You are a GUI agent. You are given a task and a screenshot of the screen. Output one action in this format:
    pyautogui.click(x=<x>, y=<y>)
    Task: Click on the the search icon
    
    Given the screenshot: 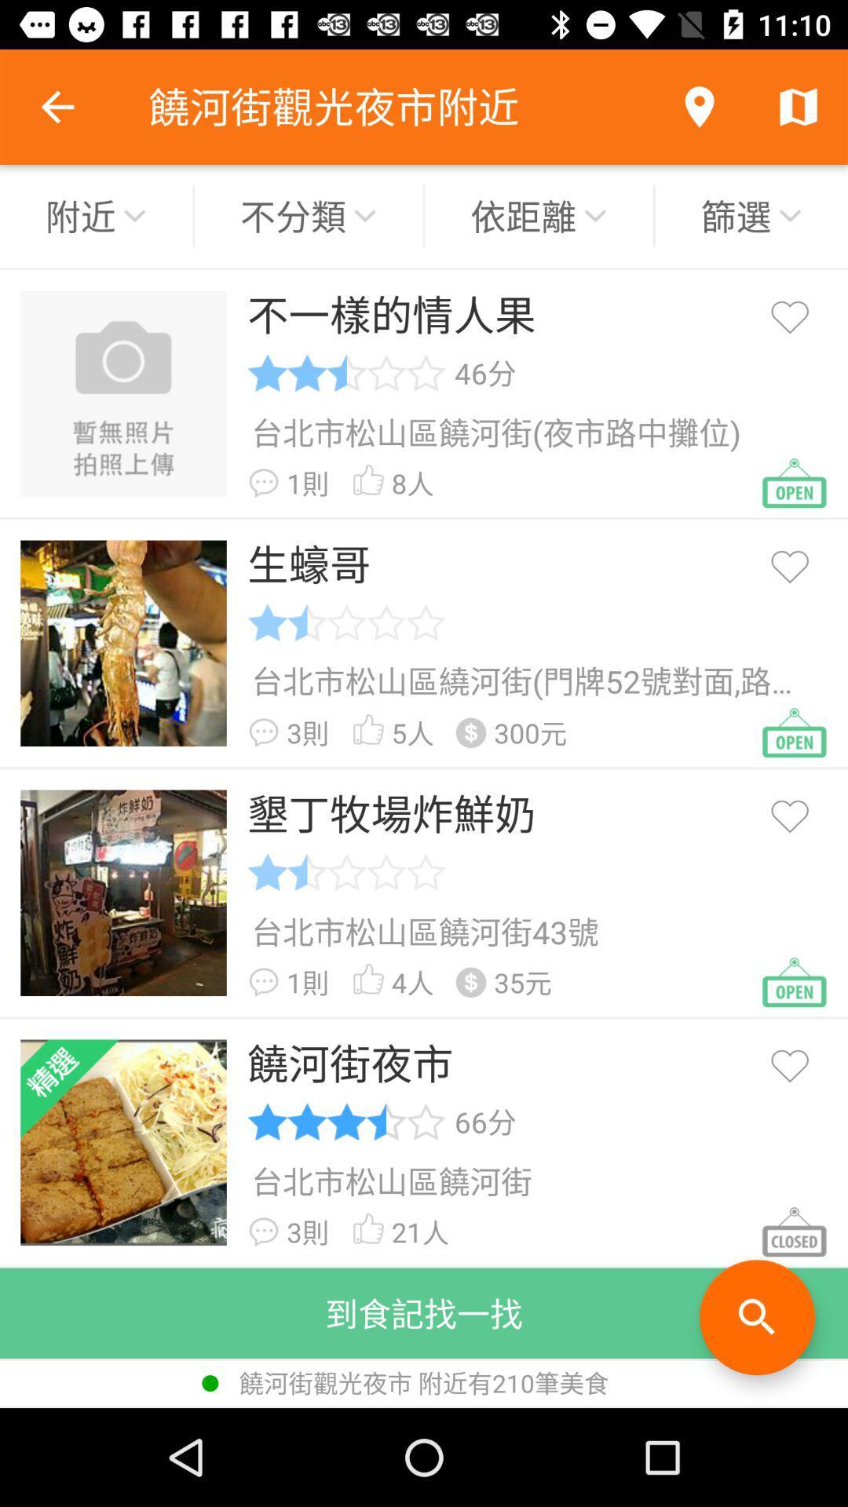 What is the action you would take?
    pyautogui.click(x=756, y=1317)
    